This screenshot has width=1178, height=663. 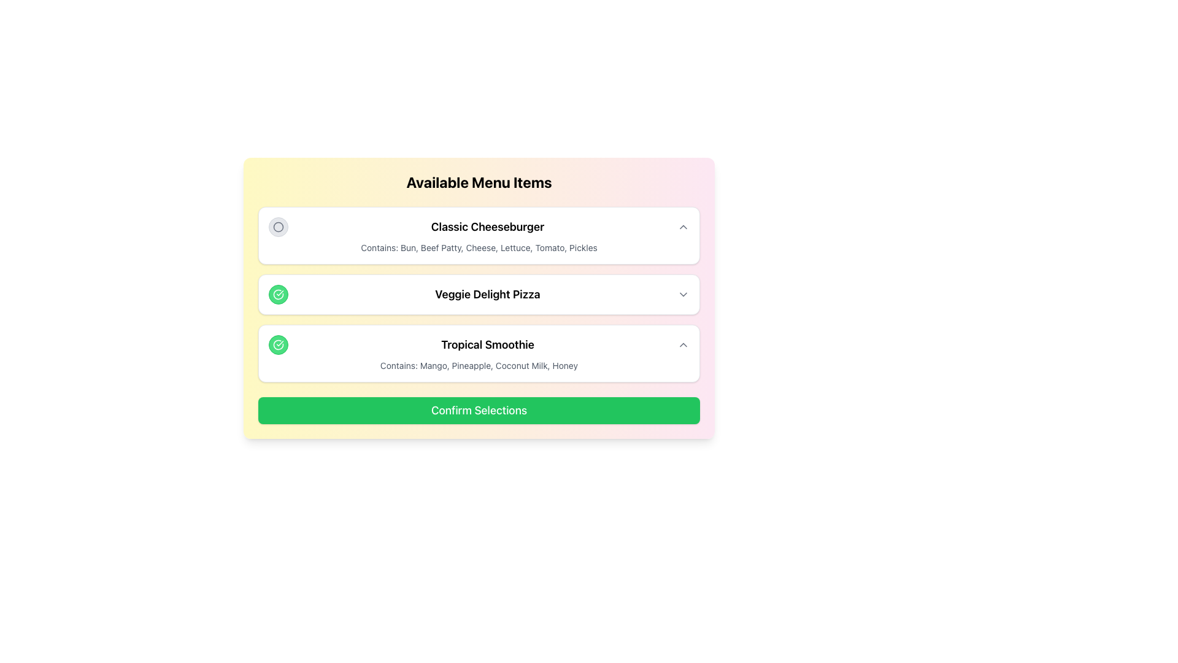 What do you see at coordinates (487, 345) in the screenshot?
I see `the text label for the menu item 'Tropical Smoothie', which is the third item in a vertical list of menu items` at bounding box center [487, 345].